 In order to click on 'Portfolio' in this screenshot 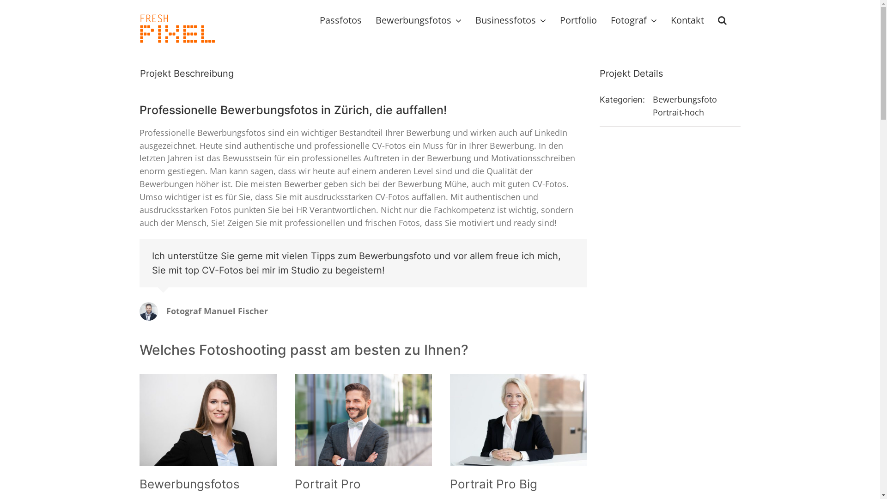, I will do `click(578, 19)`.